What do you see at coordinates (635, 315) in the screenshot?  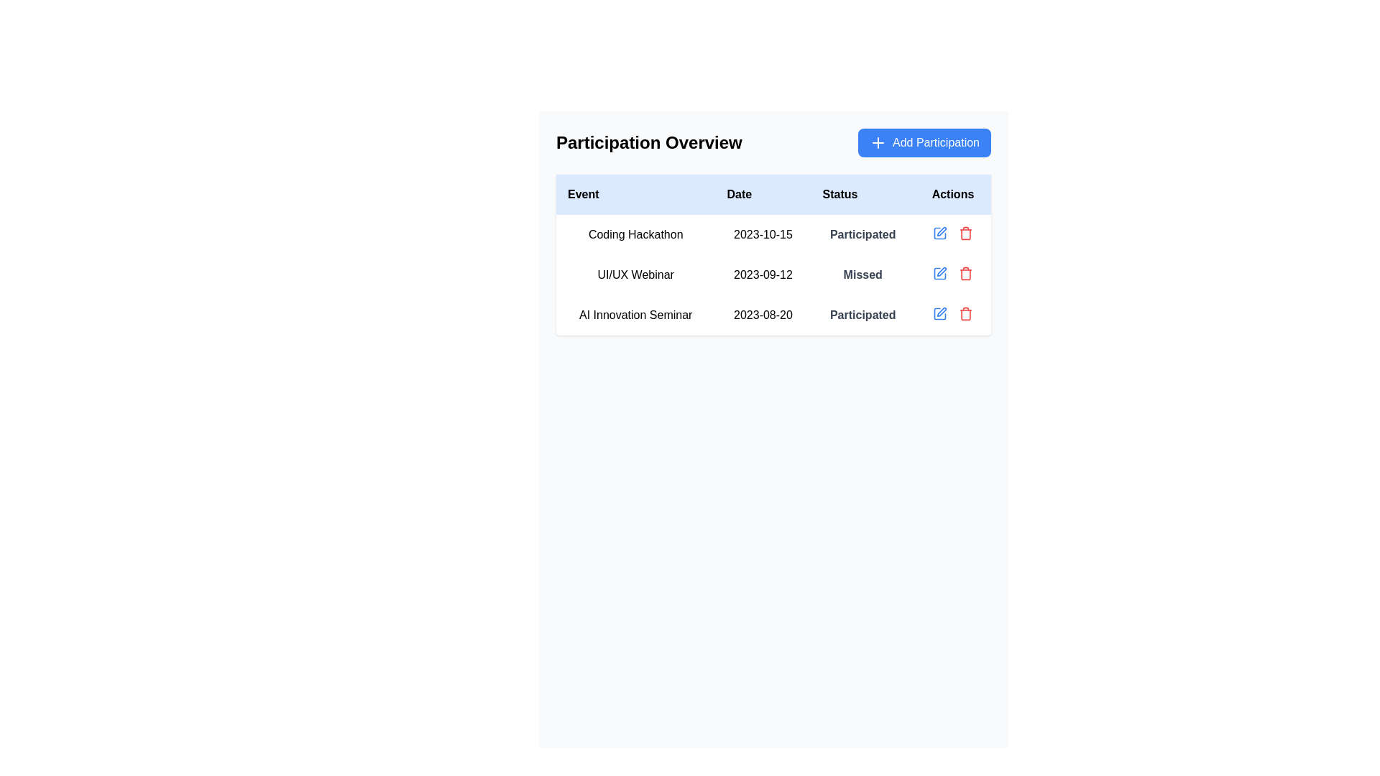 I see `the text label that displays 'AI Innovation Seminar', which is located in the second row of the table under the column labeled 'Event'` at bounding box center [635, 315].